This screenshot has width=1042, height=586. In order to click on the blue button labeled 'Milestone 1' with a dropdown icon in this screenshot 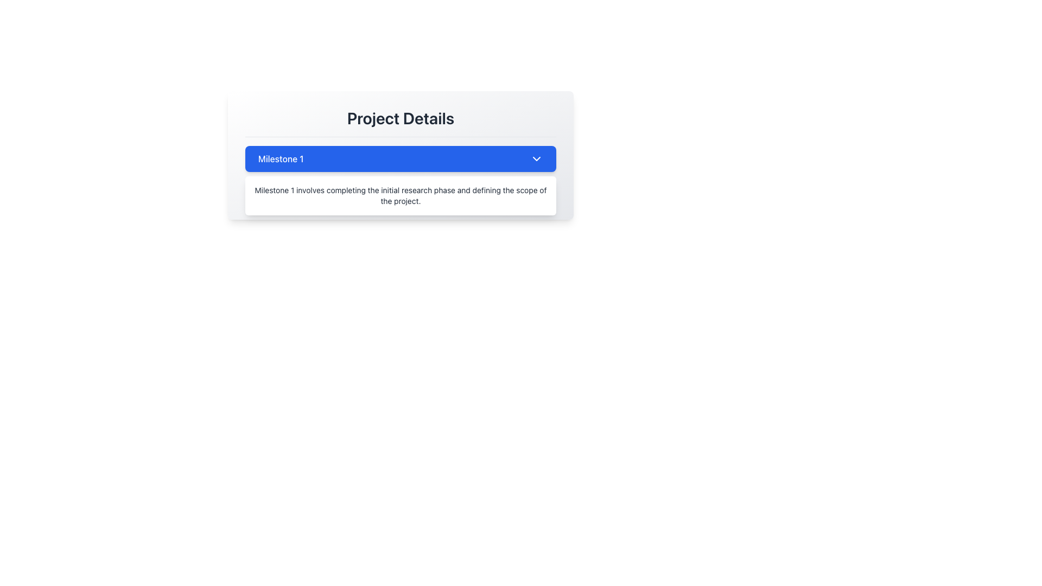, I will do `click(400, 175)`.